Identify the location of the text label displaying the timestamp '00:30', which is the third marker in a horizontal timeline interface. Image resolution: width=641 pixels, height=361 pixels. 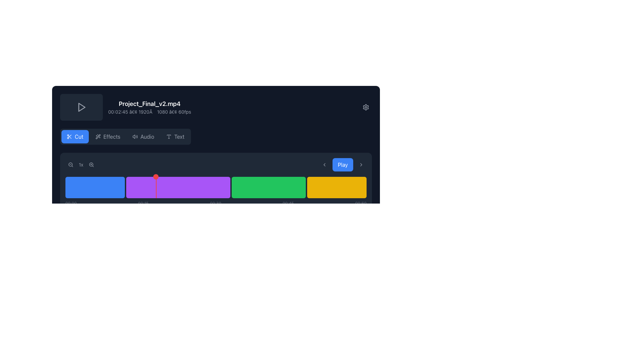
(215, 203).